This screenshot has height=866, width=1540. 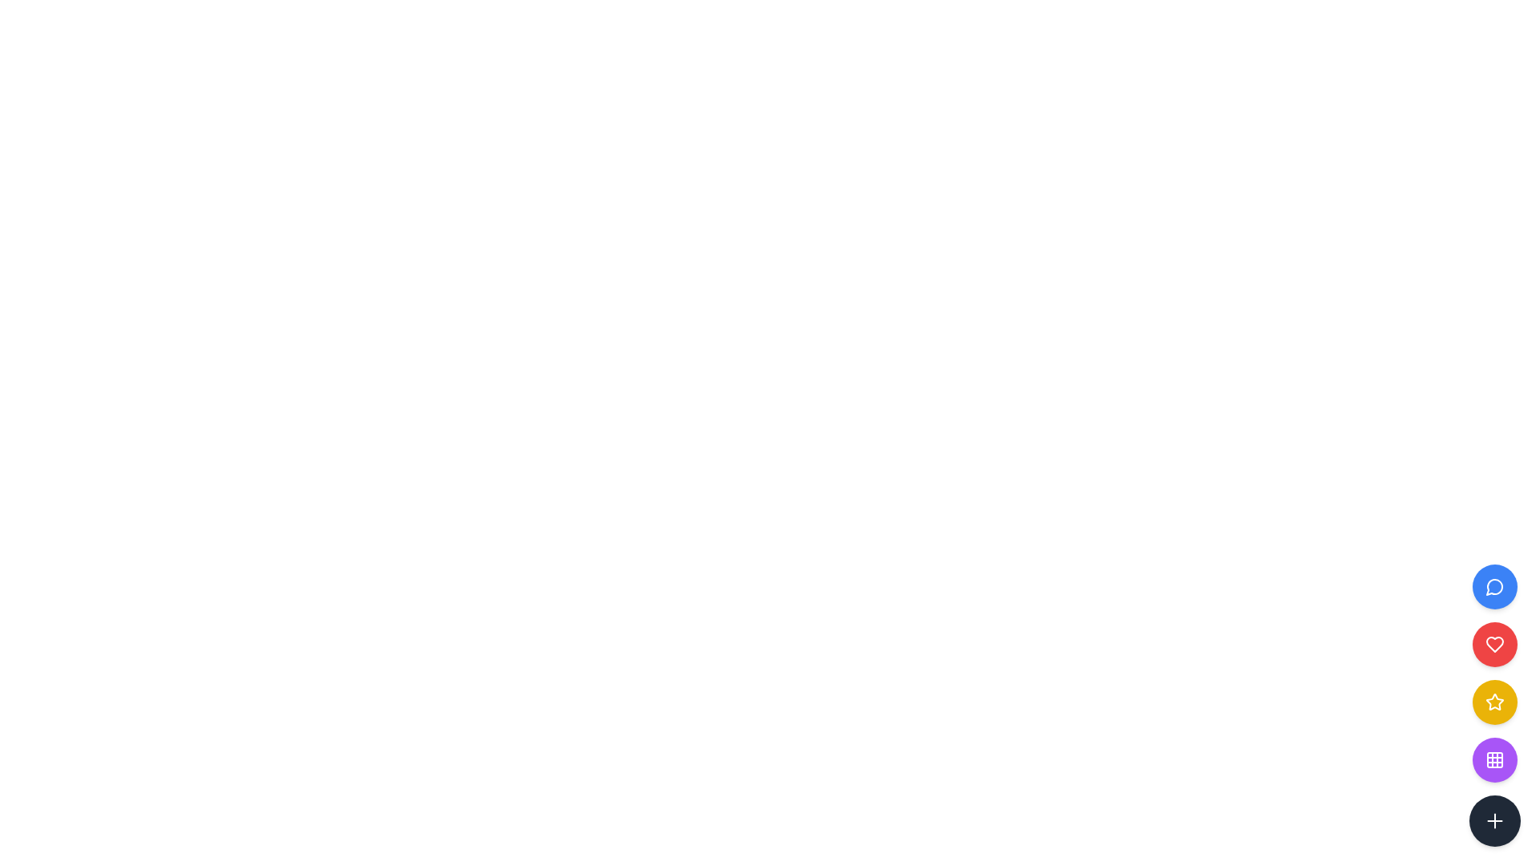 I want to click on the blue speech-bubble shaped icon located at the top of the vertical row of circular icons on the far right of the interface, so click(x=1493, y=587).